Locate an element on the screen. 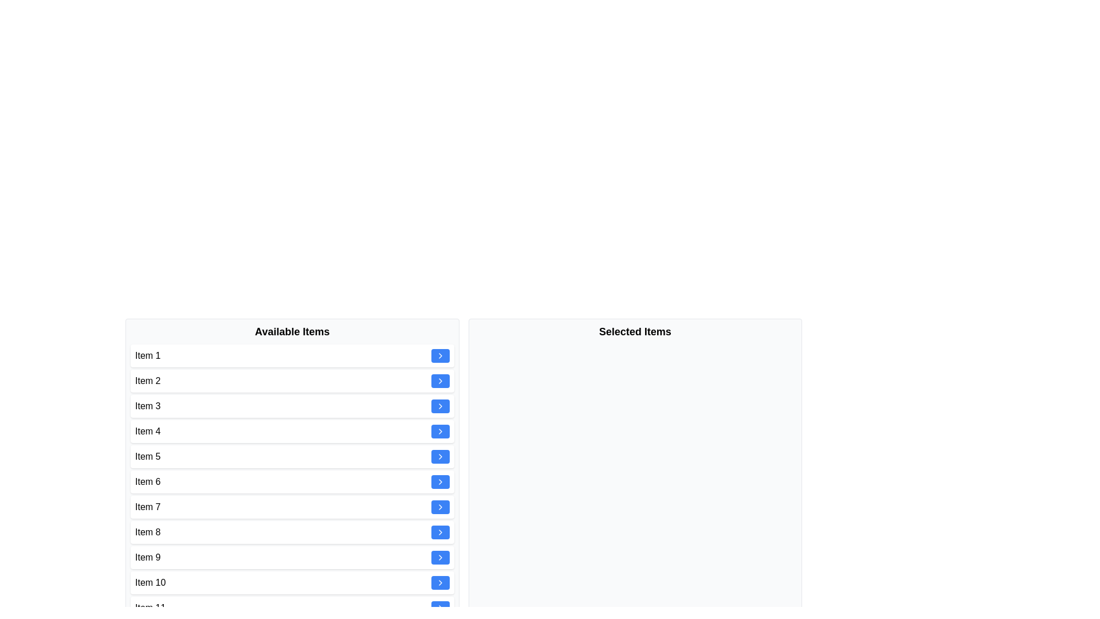  the compact rounded rectangular button with a blue background and white chevron located at the rightmost part of the 'Item 5' list entry under the 'Available Items' section is located at coordinates (439, 456).